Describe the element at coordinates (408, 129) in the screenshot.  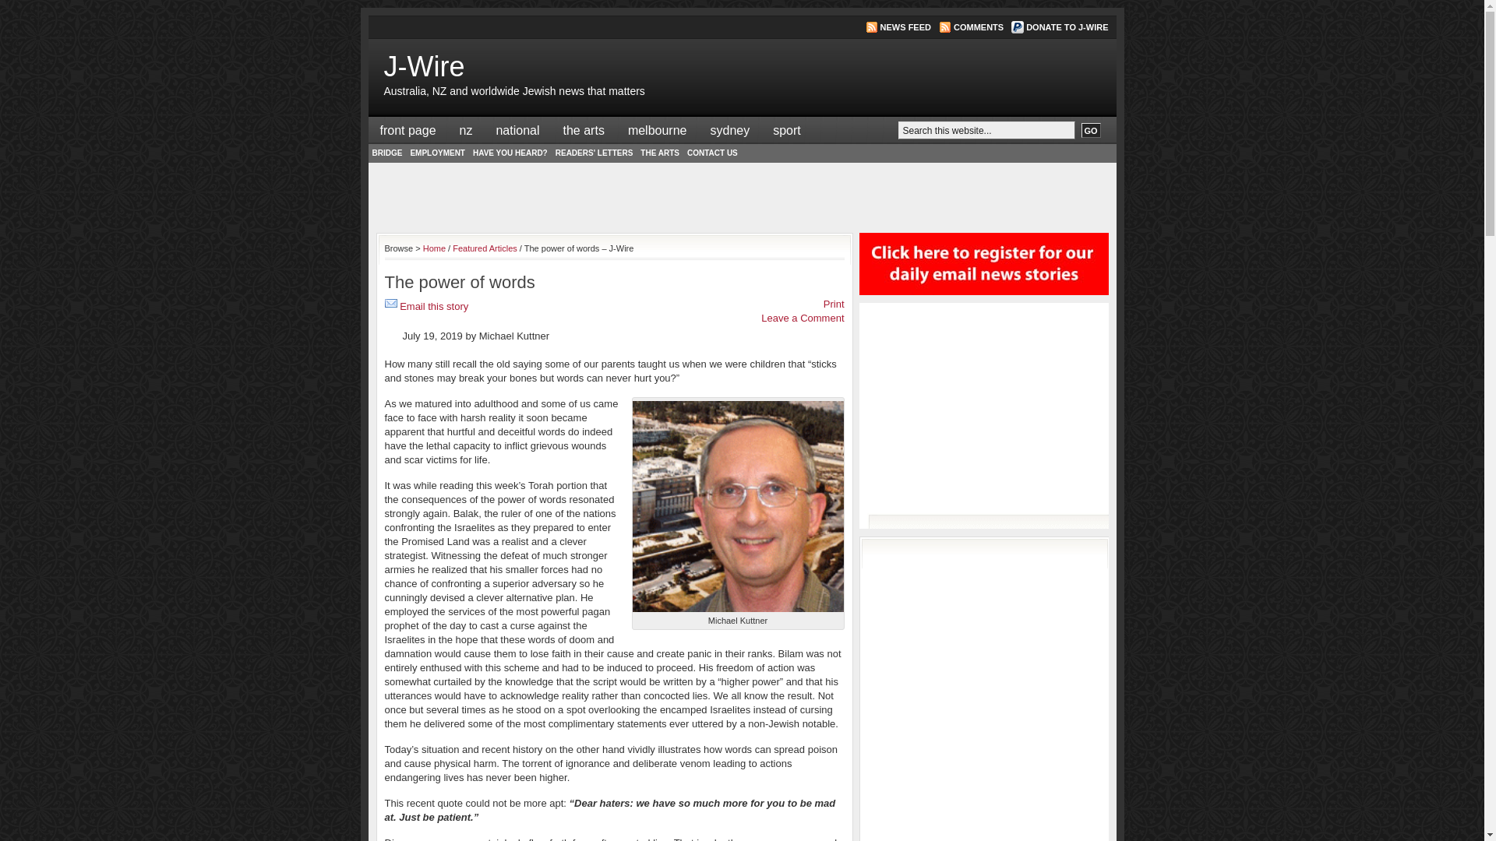
I see `'front page'` at that location.